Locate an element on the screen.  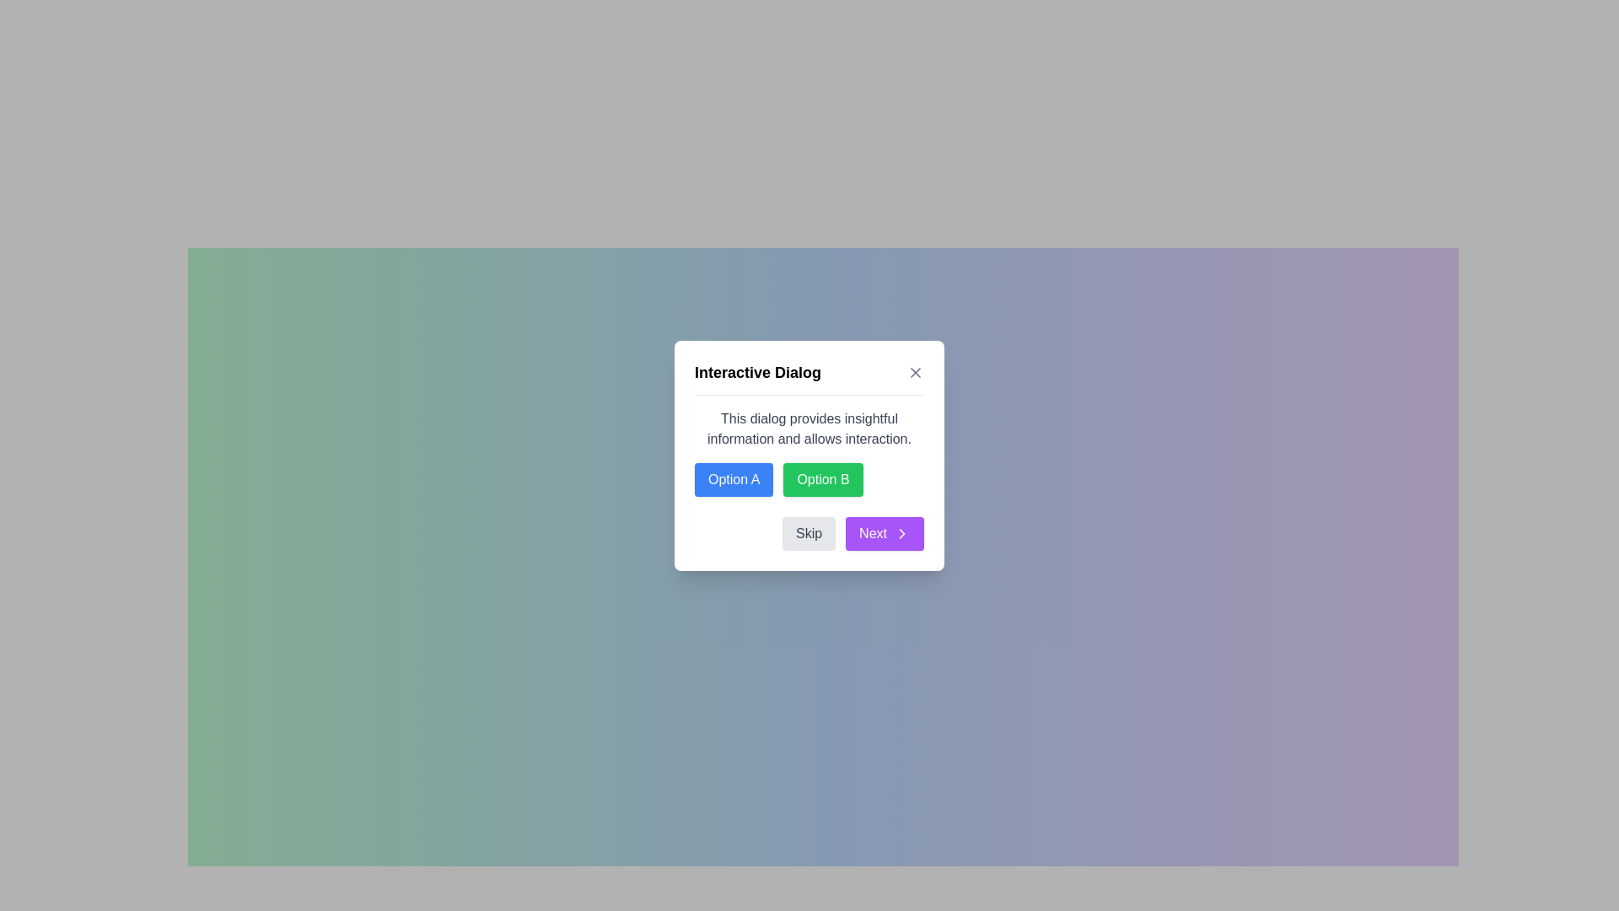
title of the header labeled 'Interactive Dialog' which is styled with bold text and located at the top of the dialog box is located at coordinates (809, 376).